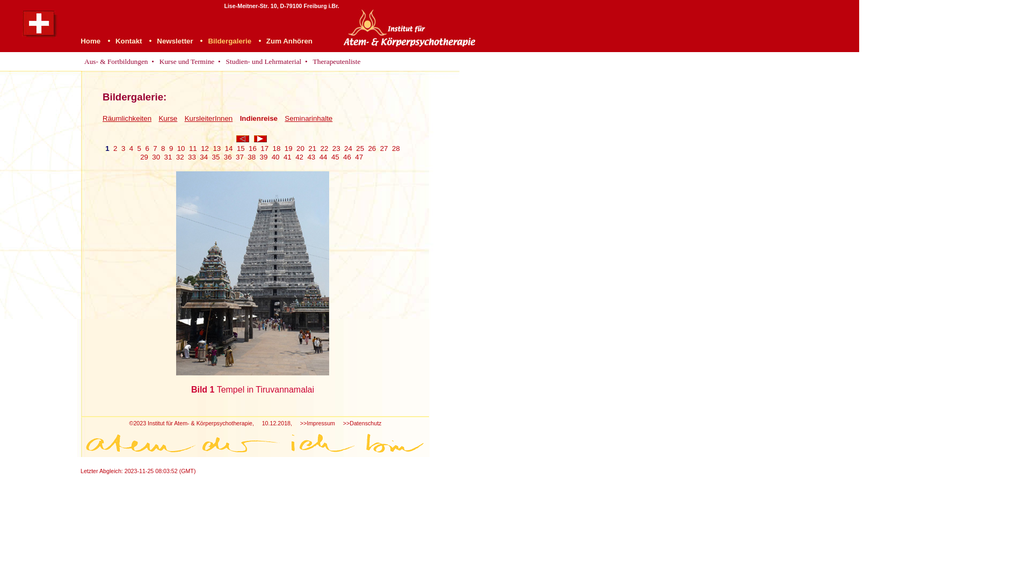 This screenshot has width=1031, height=580. I want to click on 'Home', so click(79, 40).